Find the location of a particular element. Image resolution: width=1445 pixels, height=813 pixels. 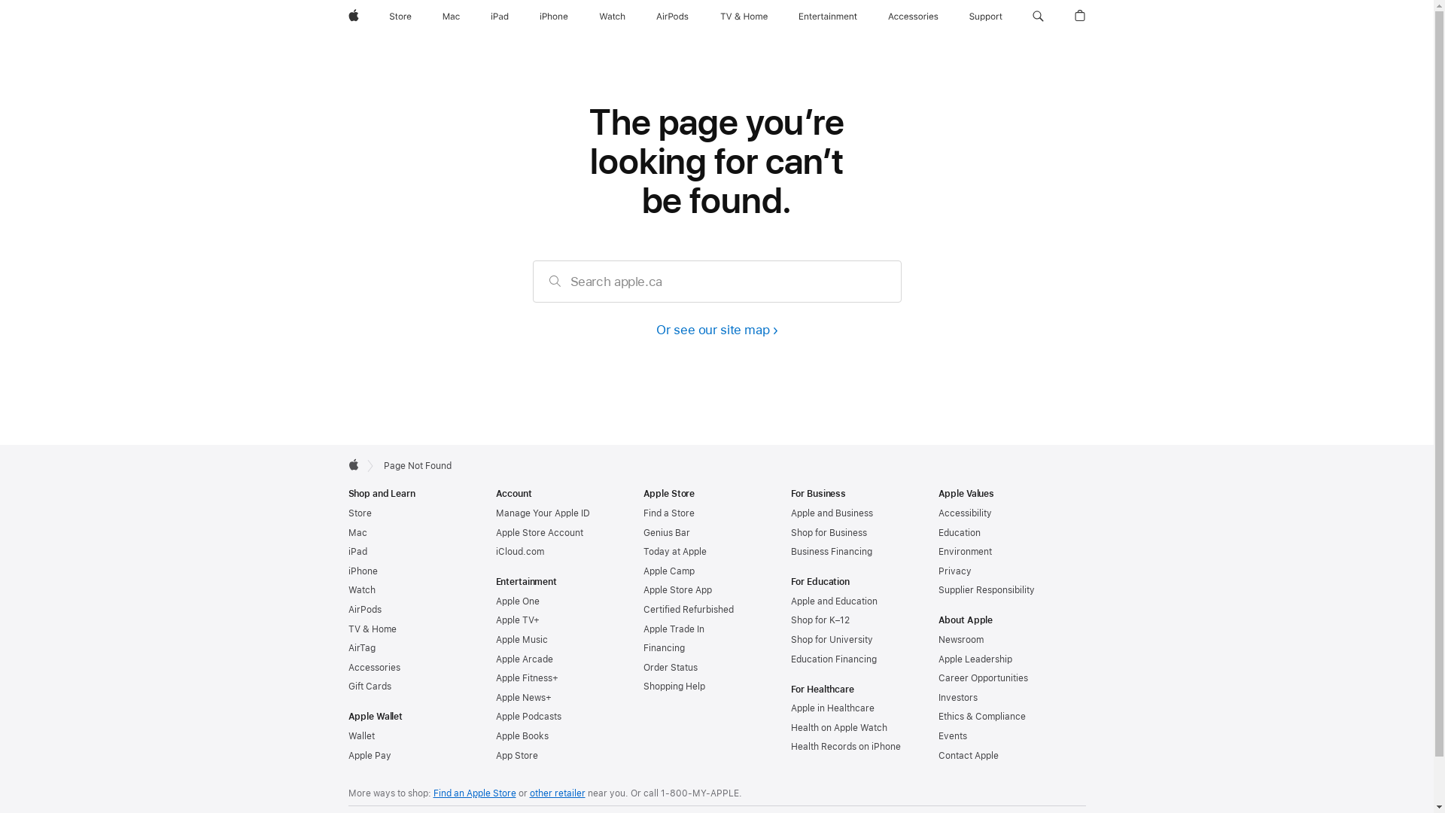

'Apple Podcasts' is located at coordinates (528, 716).